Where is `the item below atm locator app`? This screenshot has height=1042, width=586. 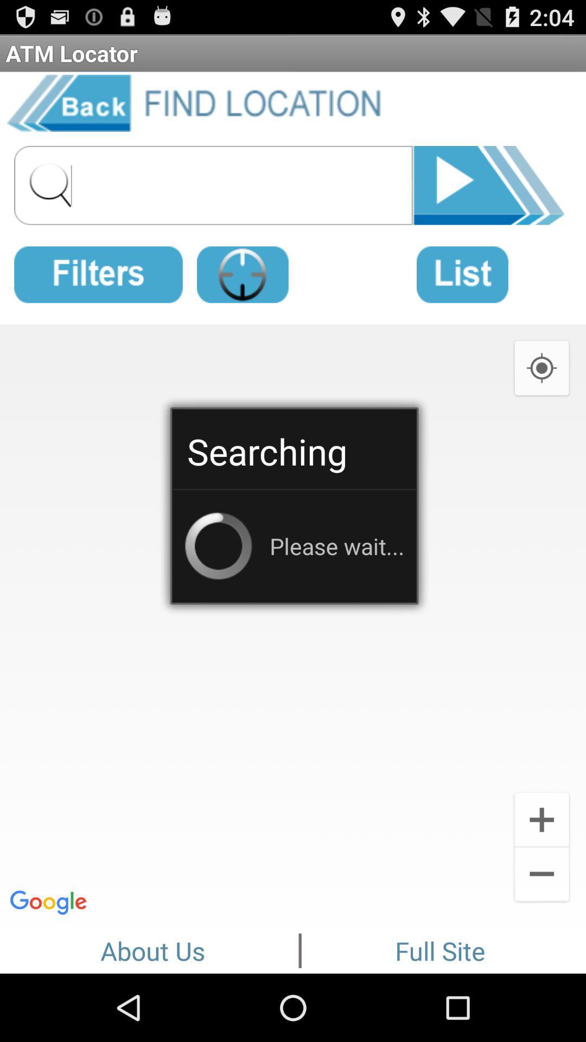 the item below atm locator app is located at coordinates (201, 101).